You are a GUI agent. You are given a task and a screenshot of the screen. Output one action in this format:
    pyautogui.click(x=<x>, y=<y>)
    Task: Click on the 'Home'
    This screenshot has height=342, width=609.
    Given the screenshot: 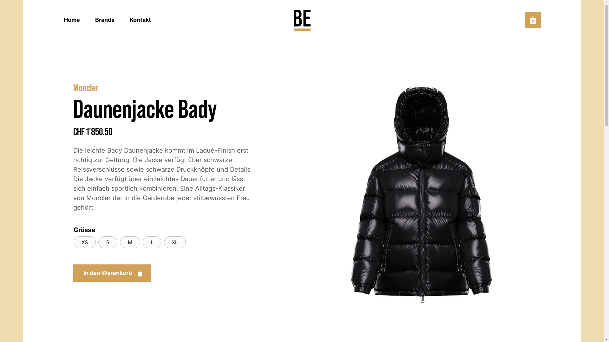 What is the action you would take?
    pyautogui.click(x=71, y=19)
    